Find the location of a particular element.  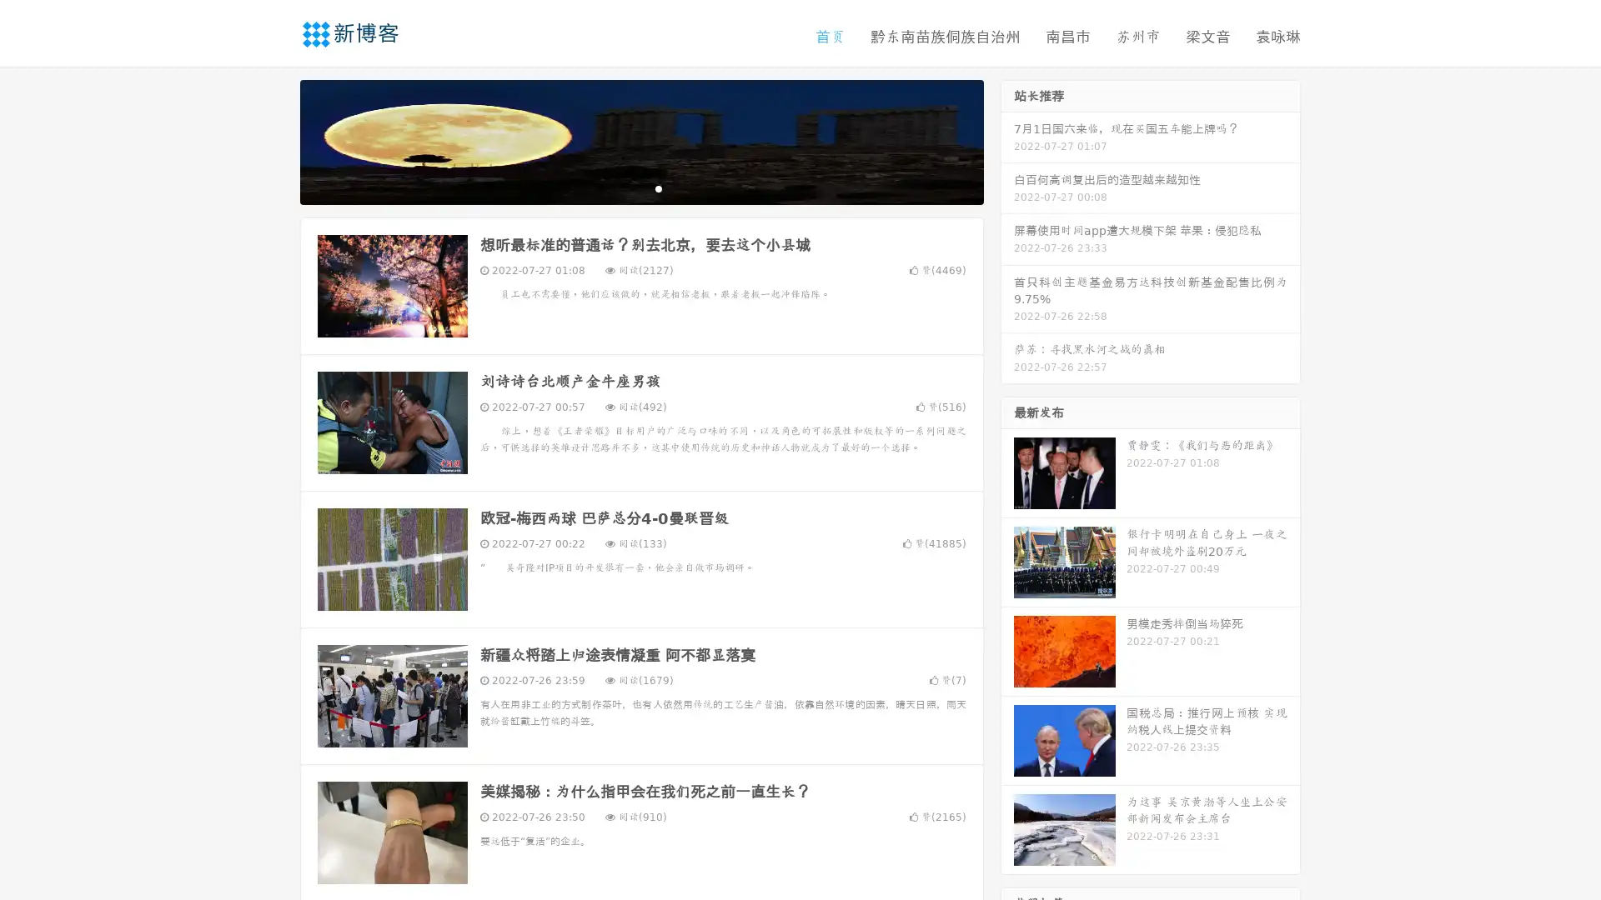

Next slide is located at coordinates (1007, 140).